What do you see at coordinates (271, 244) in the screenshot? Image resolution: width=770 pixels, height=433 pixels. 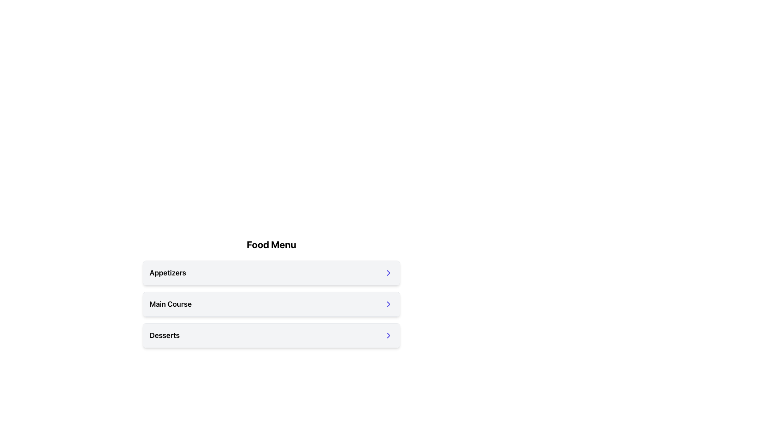 I see `text from the non-interactive title label that identifies the food menu located at the top of the menu section` at bounding box center [271, 244].